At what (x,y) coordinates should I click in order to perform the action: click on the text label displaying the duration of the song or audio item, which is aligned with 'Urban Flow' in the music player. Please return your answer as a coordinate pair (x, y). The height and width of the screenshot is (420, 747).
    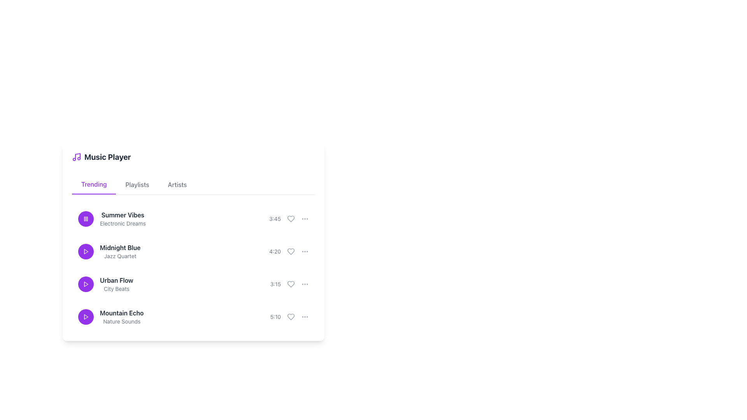
    Looking at the image, I should click on (275, 284).